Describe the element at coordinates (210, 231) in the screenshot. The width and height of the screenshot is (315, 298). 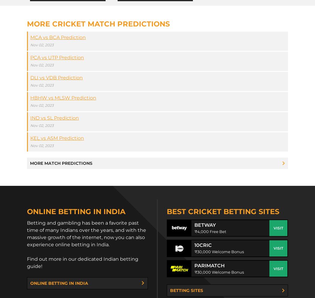
I see `'₹4,000 Free Bet'` at that location.